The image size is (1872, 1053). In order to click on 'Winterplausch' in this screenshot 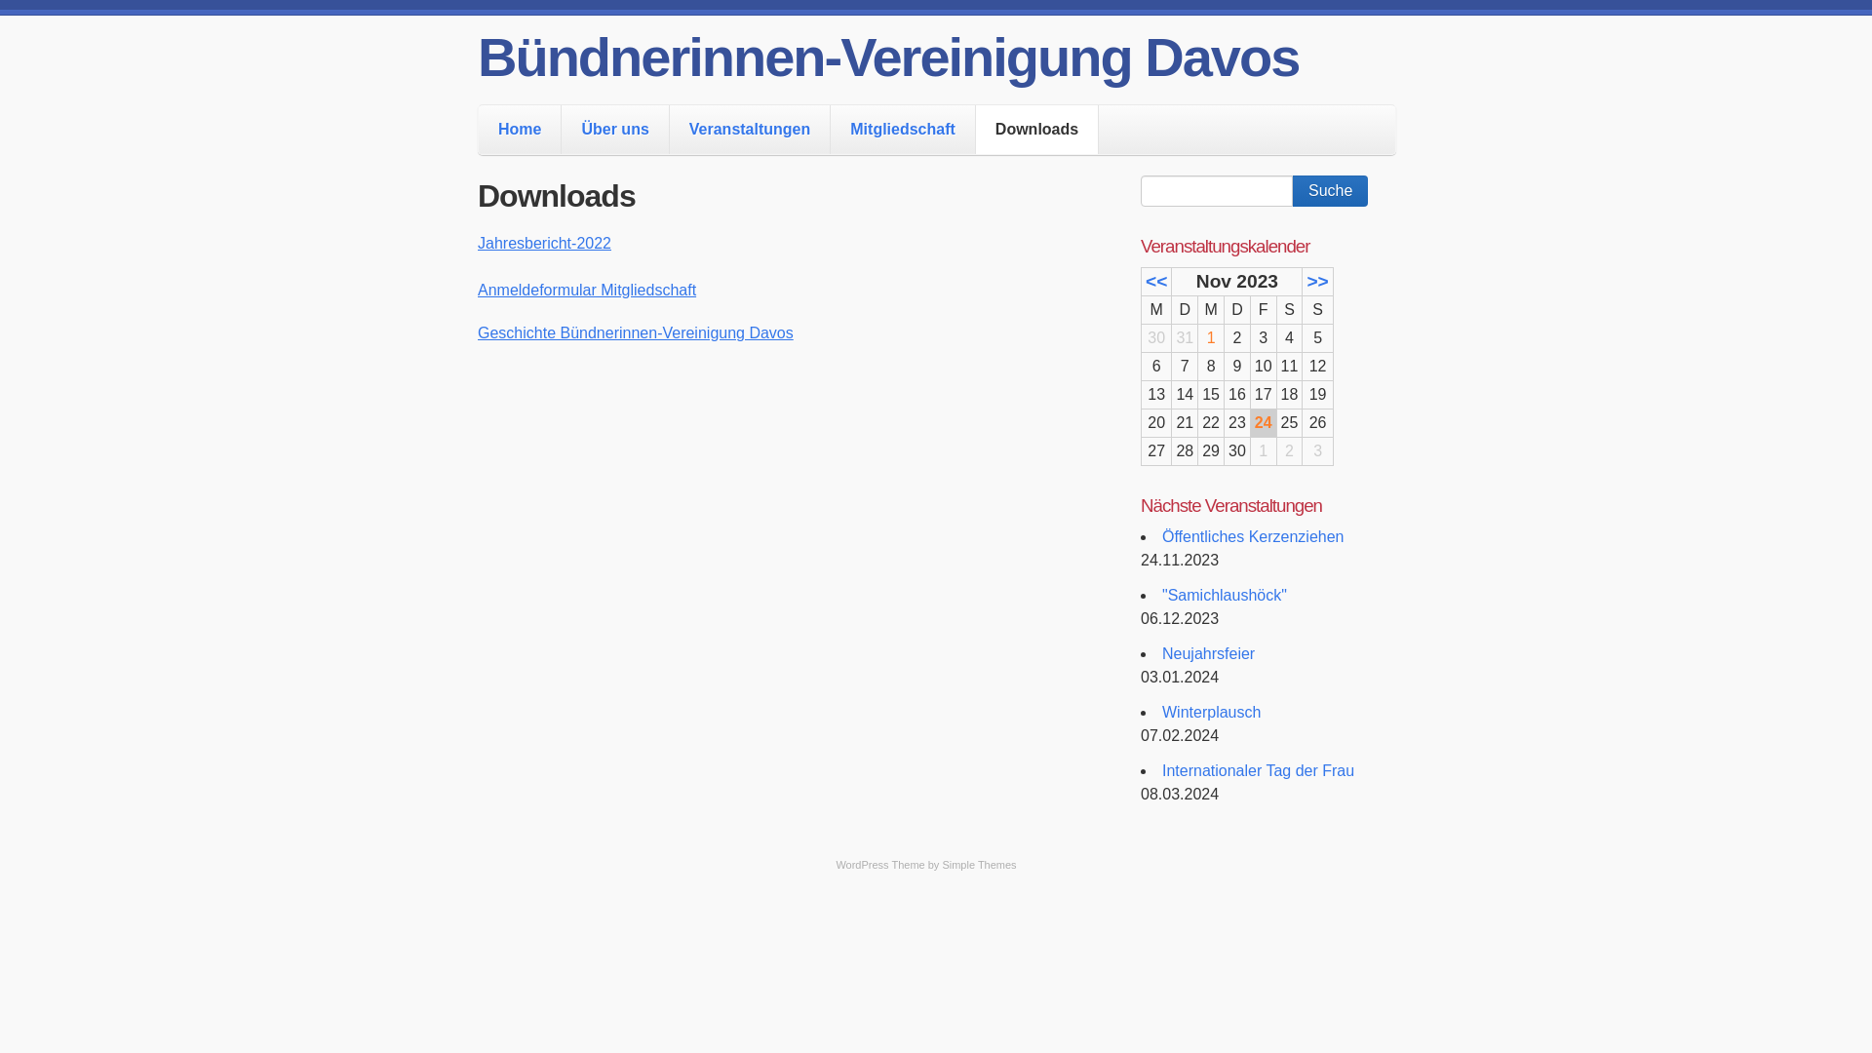, I will do `click(1210, 712)`.